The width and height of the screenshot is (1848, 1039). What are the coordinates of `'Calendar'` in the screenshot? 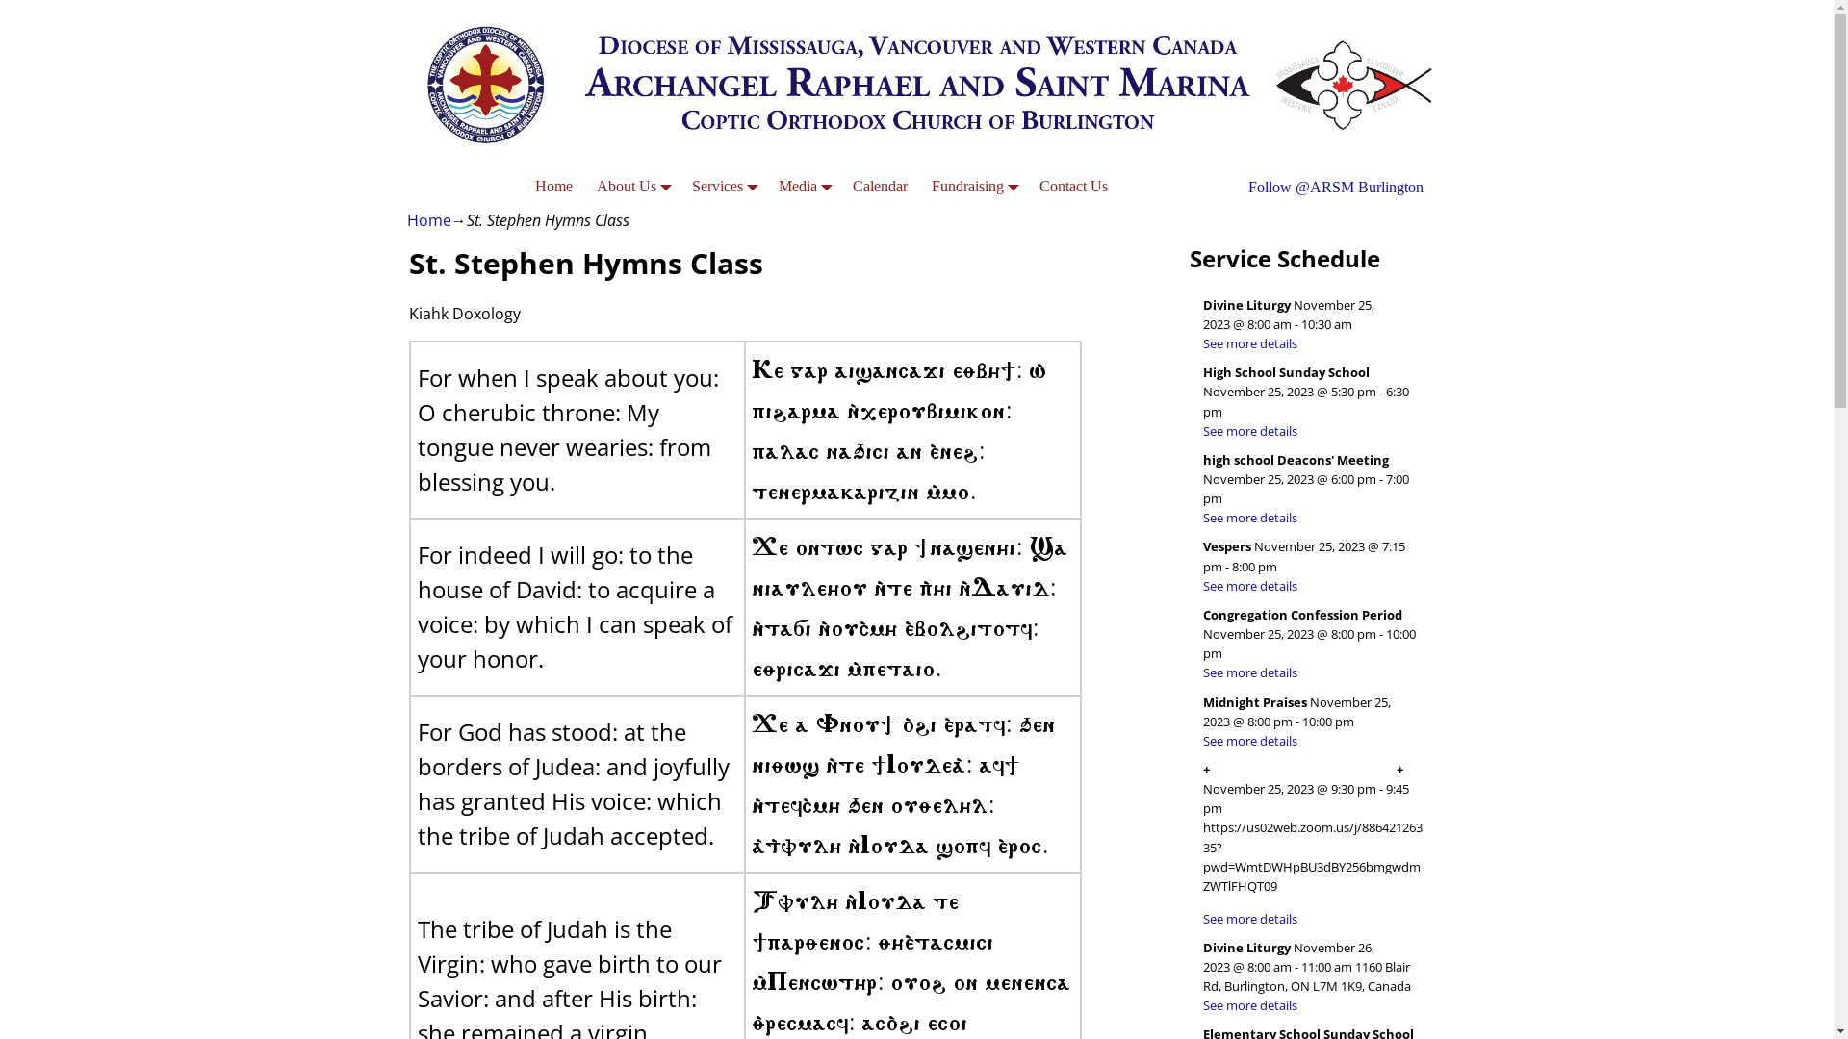 It's located at (880, 187).